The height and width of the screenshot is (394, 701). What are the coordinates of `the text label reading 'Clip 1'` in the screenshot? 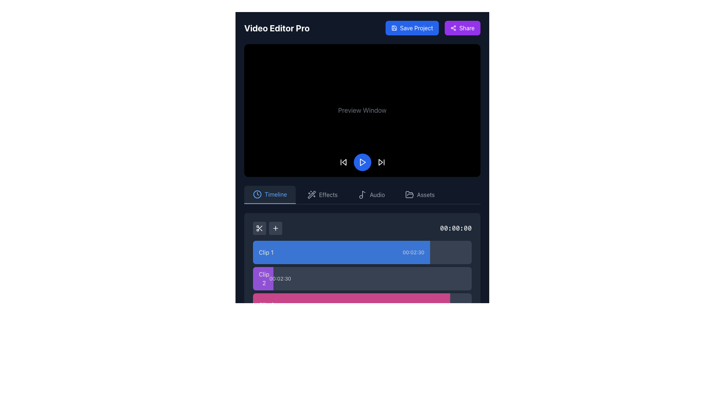 It's located at (266, 252).